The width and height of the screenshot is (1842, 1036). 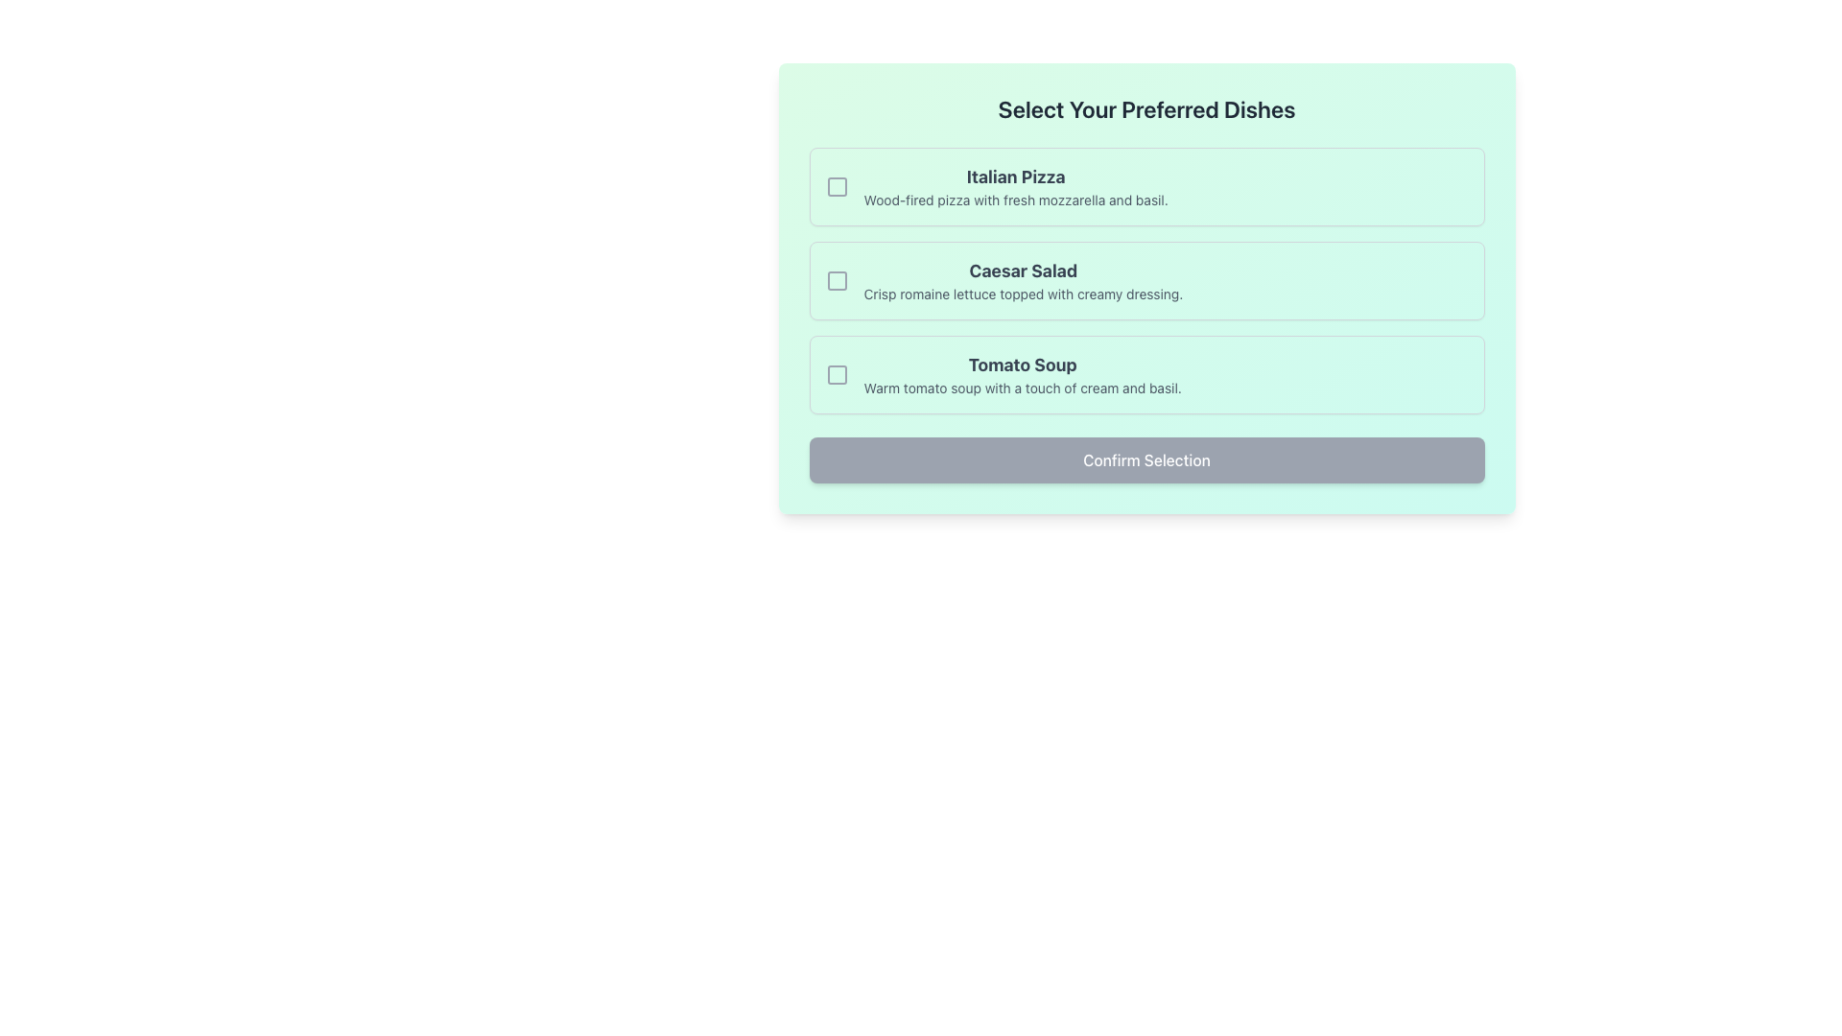 What do you see at coordinates (837, 281) in the screenshot?
I see `the checkbox marker for the 'Caesar Salad' option` at bounding box center [837, 281].